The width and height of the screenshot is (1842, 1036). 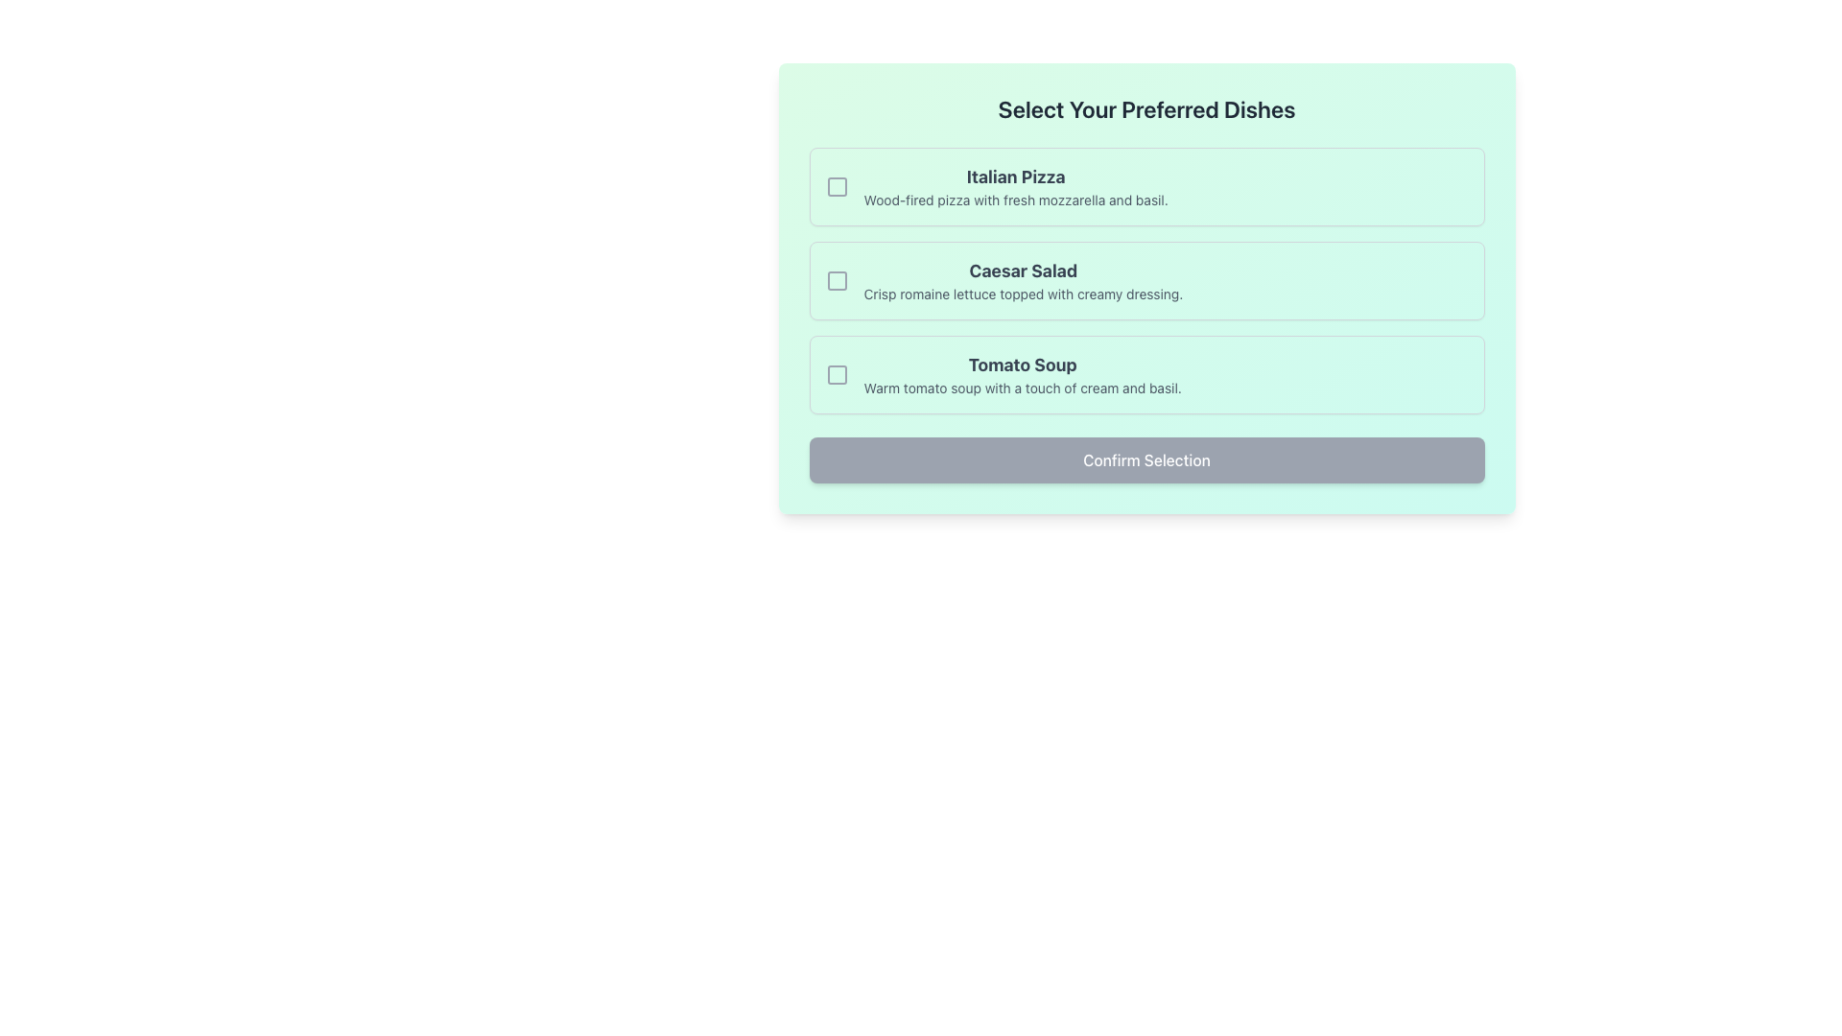 What do you see at coordinates (837, 281) in the screenshot?
I see `the checkbox marker for the 'Caesar Salad' option` at bounding box center [837, 281].